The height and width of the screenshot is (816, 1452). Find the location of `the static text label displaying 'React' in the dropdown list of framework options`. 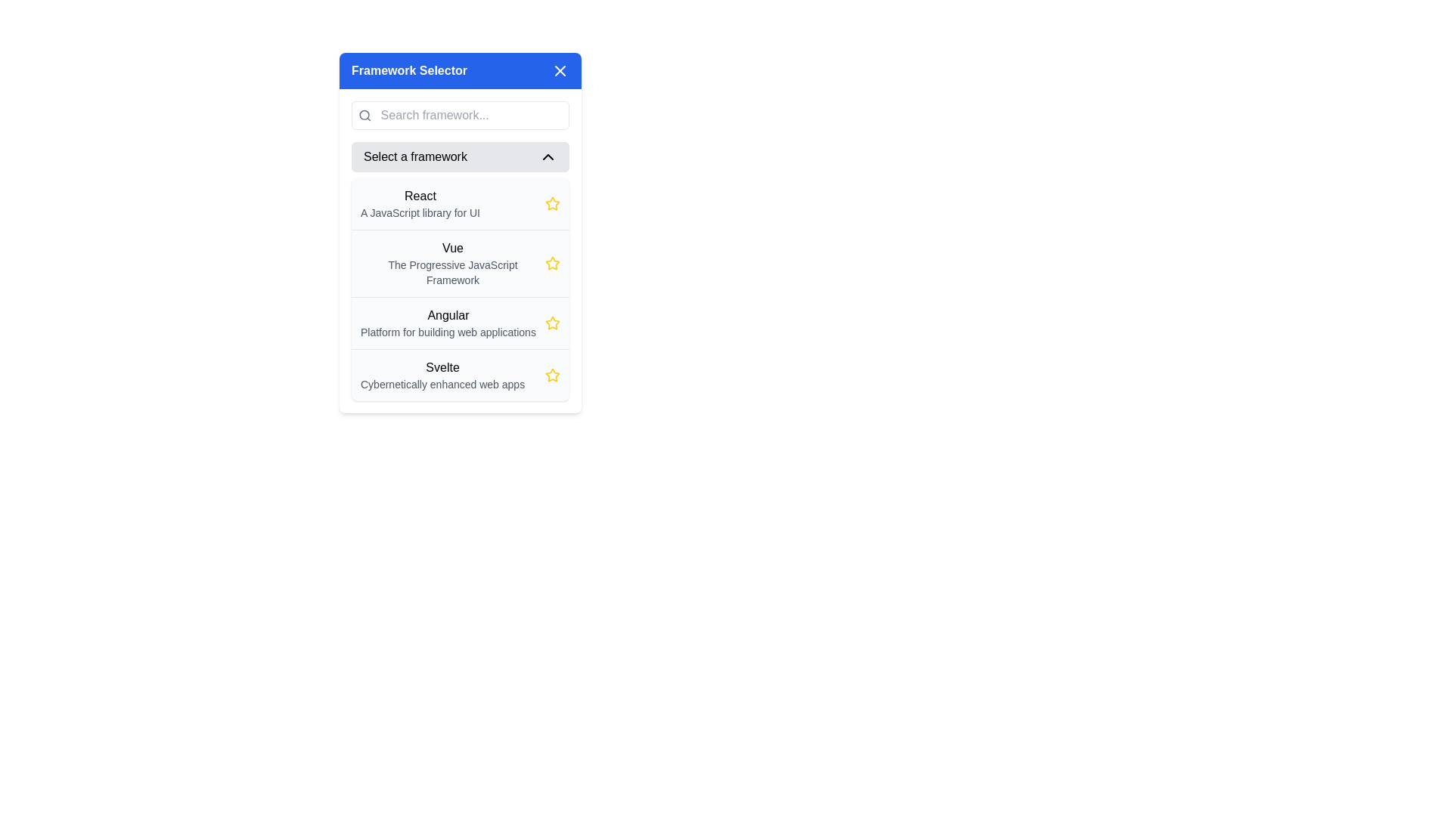

the static text label displaying 'React' in the dropdown list of framework options is located at coordinates (420, 195).